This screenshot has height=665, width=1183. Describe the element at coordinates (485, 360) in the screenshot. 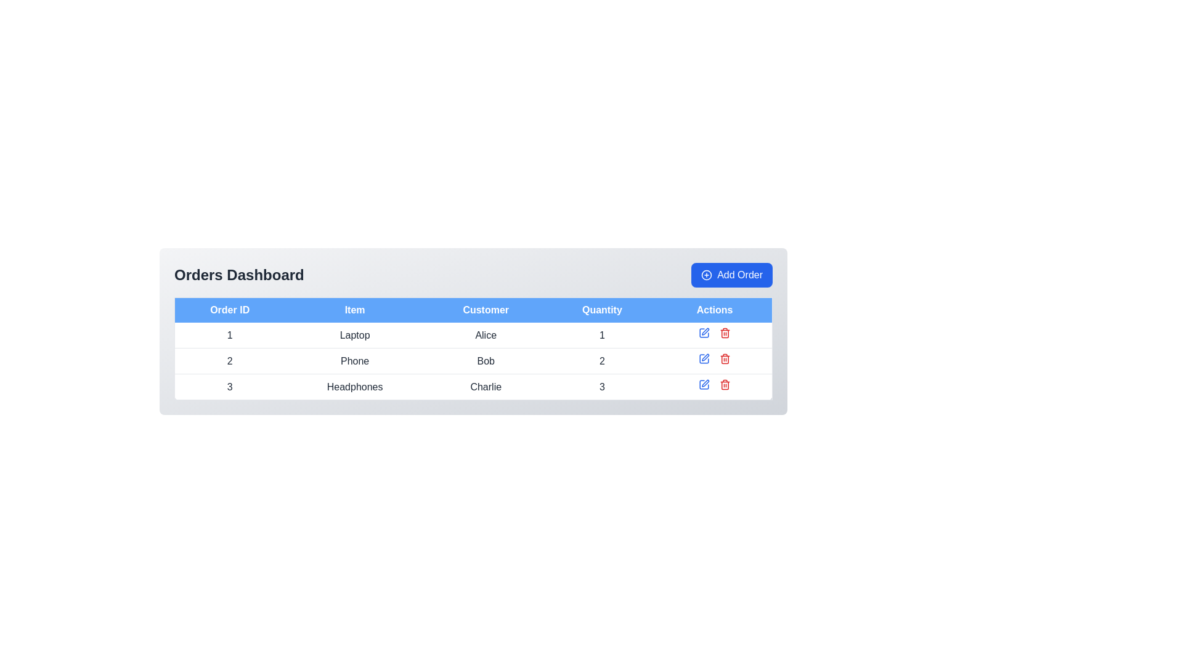

I see `the text label displaying 'Bob' in bold, black font located in the 'Customer' column of the second row under 'Orders Dashboard'` at that location.